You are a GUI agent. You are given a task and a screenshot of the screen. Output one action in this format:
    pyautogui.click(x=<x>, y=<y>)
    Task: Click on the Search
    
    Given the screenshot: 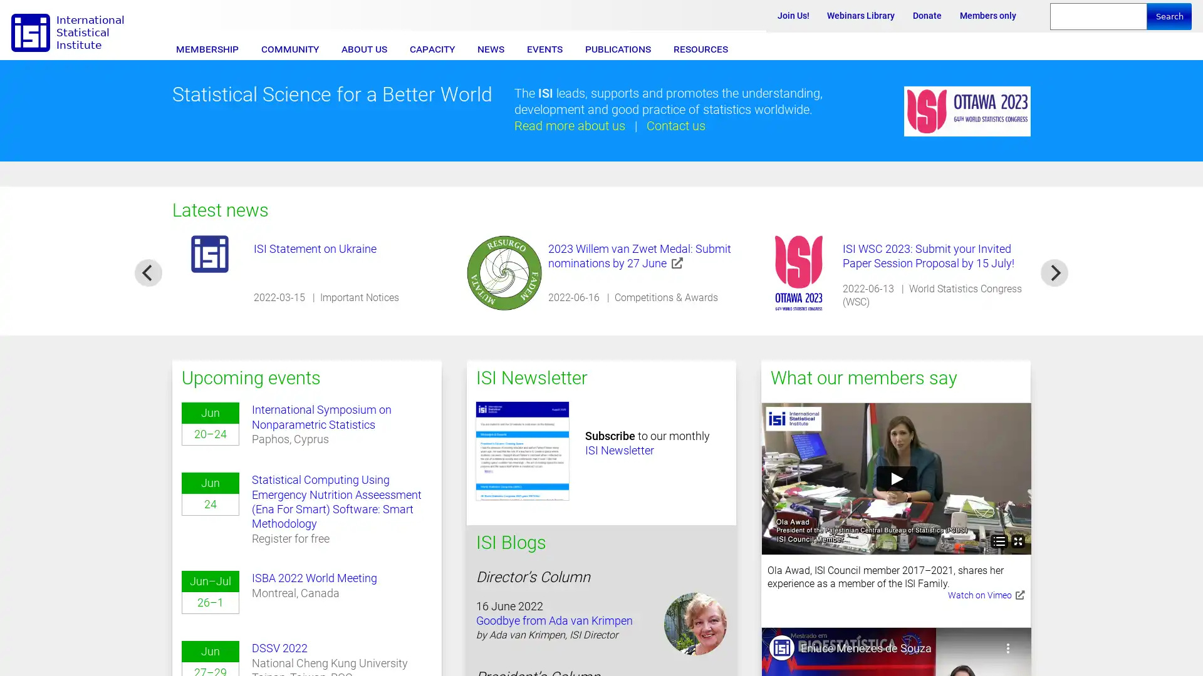 What is the action you would take?
    pyautogui.click(x=1169, y=16)
    